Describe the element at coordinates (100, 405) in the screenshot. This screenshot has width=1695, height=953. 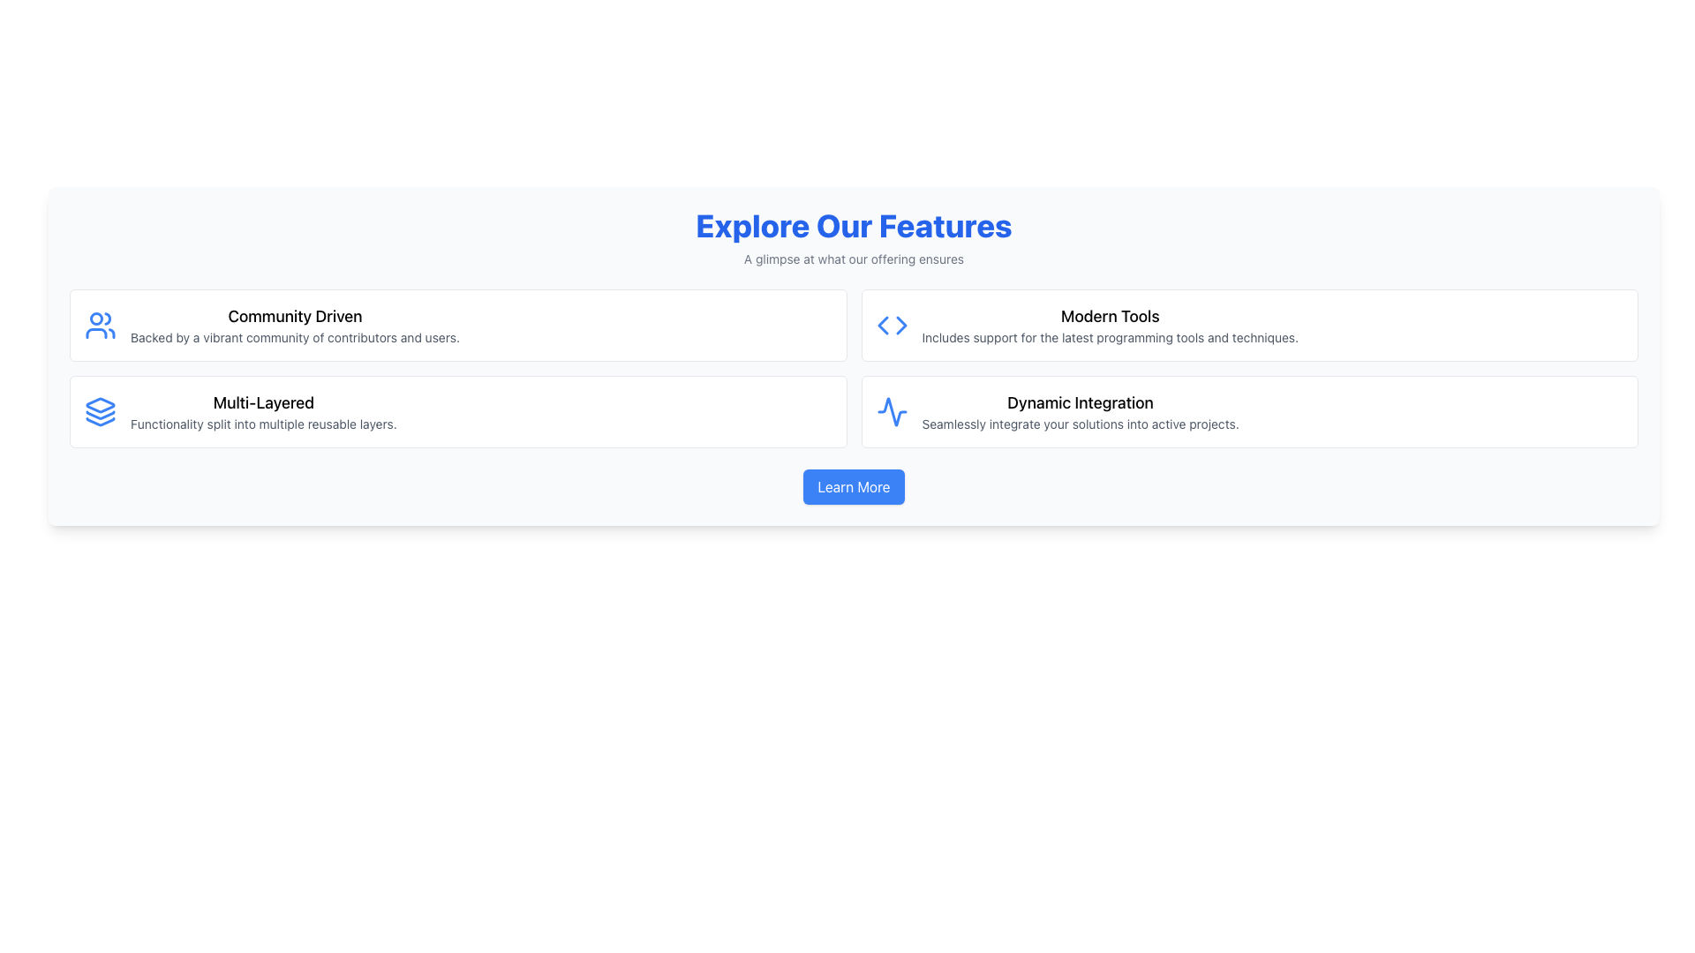
I see `the topmost triangular icon in the 'Multi-Layered' section, located at the bottom left of the central content area` at that location.